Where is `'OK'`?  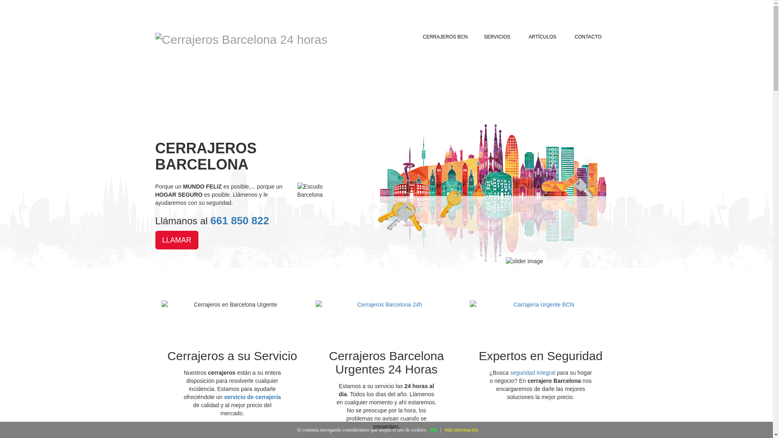 'OK' is located at coordinates (433, 429).